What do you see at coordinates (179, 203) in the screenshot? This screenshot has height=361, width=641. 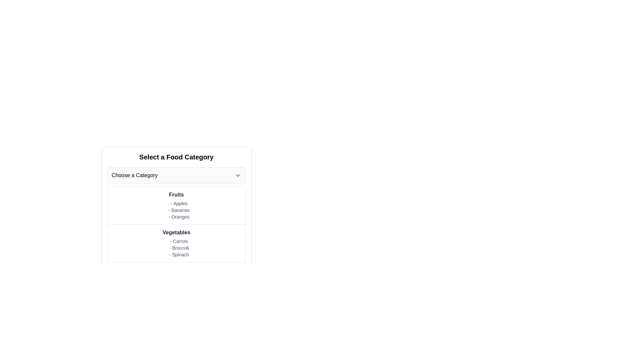 I see `the text element representing 'Apples' in the fruit list, which is positioned above 'Bananas' and 'Oranges'` at bounding box center [179, 203].